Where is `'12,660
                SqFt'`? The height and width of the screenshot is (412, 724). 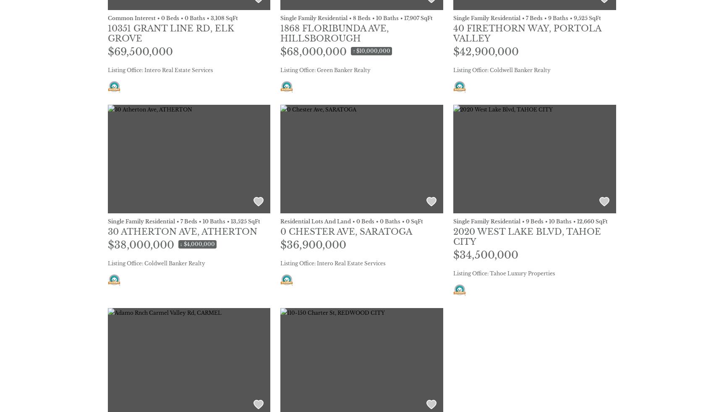 '12,660
                SqFt' is located at coordinates (576, 221).